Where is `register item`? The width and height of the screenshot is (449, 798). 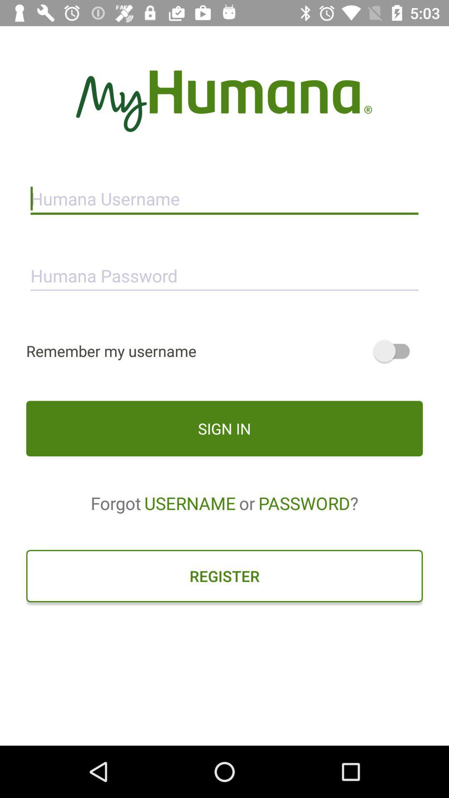 register item is located at coordinates (224, 576).